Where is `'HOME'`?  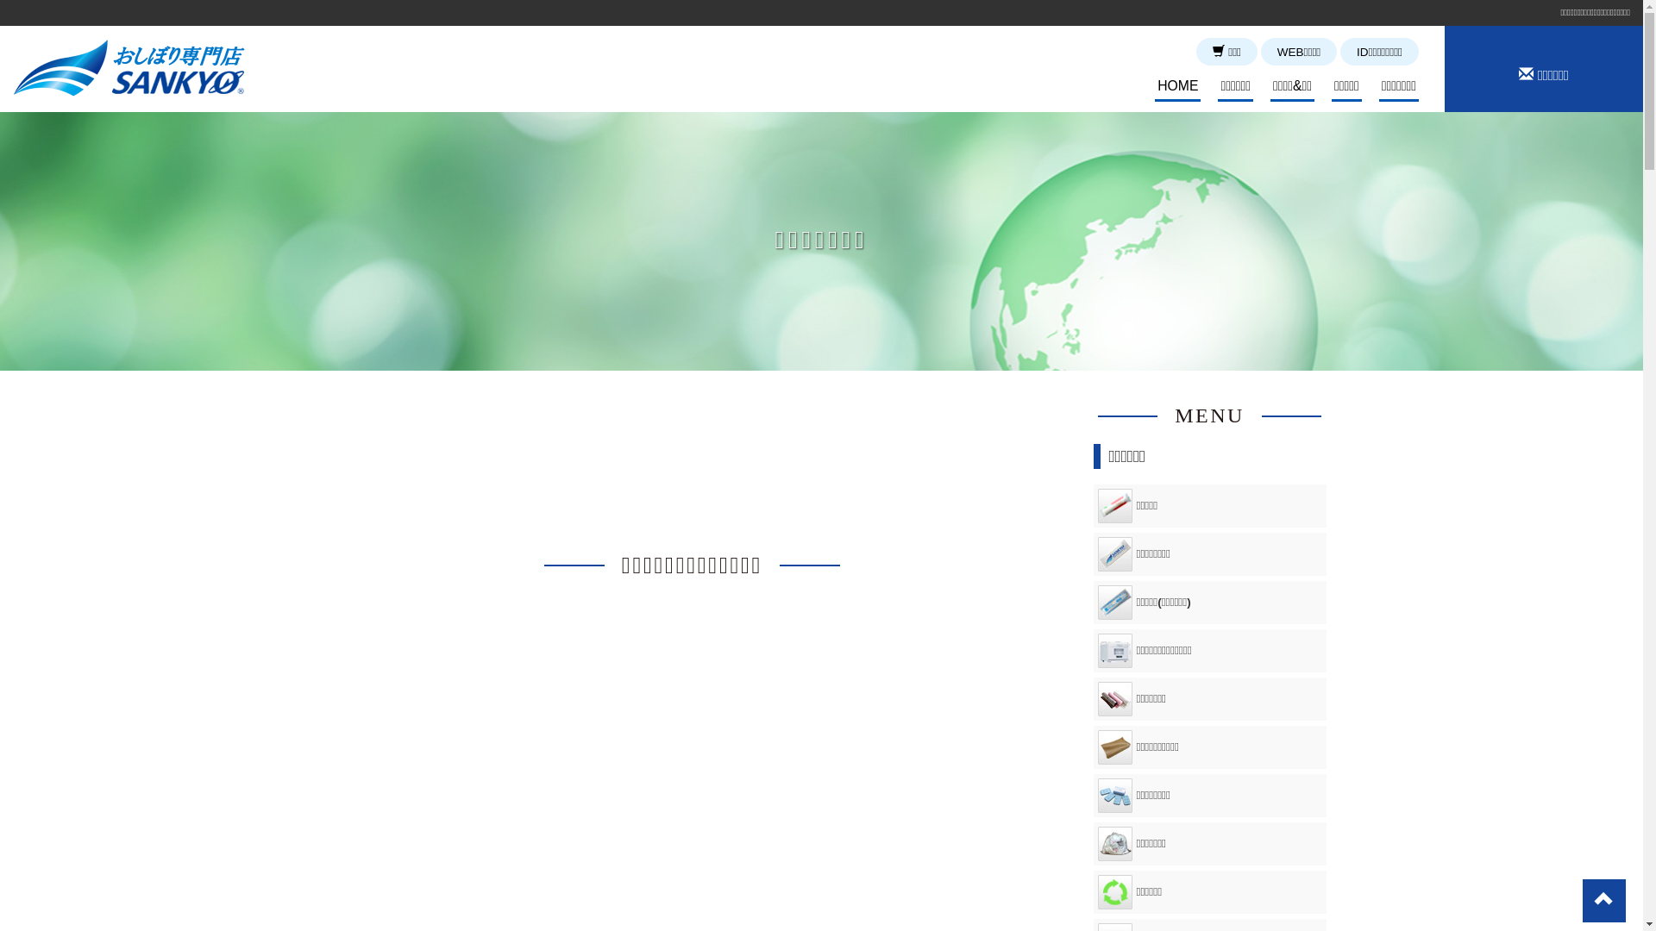
'HOME' is located at coordinates (1176, 87).